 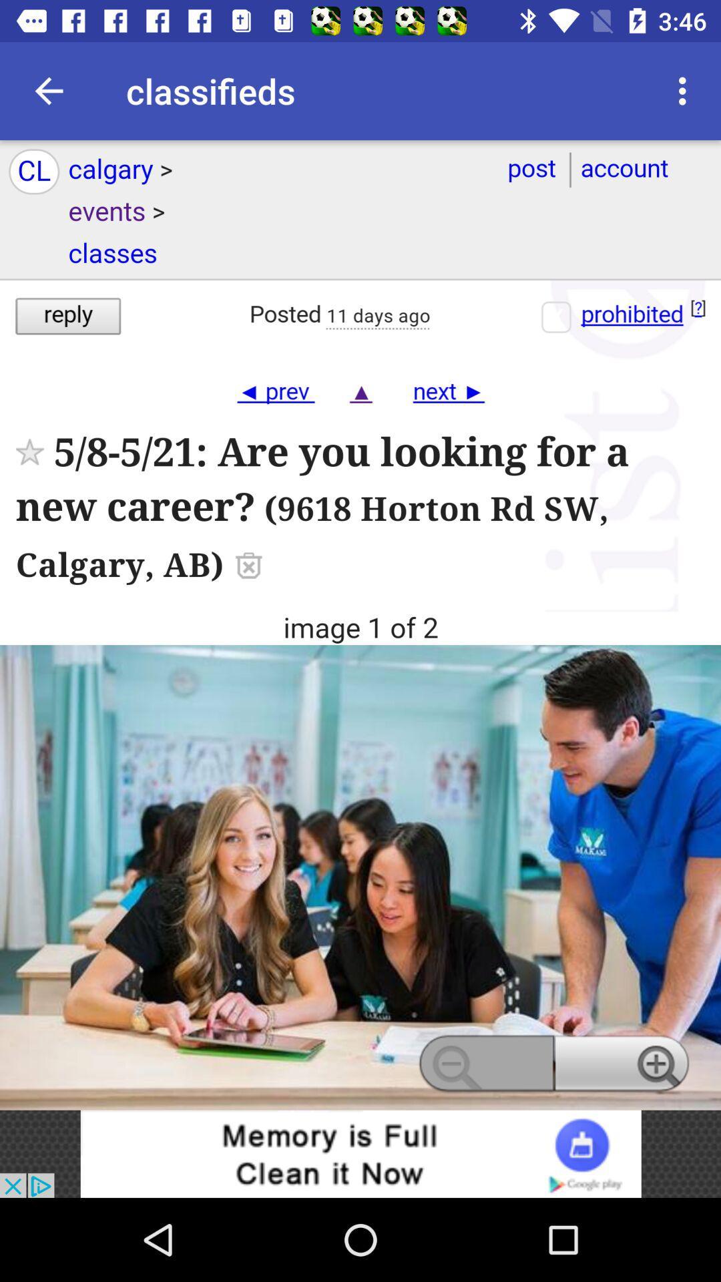 I want to click on advertisement at bottom, so click(x=360, y=1153).